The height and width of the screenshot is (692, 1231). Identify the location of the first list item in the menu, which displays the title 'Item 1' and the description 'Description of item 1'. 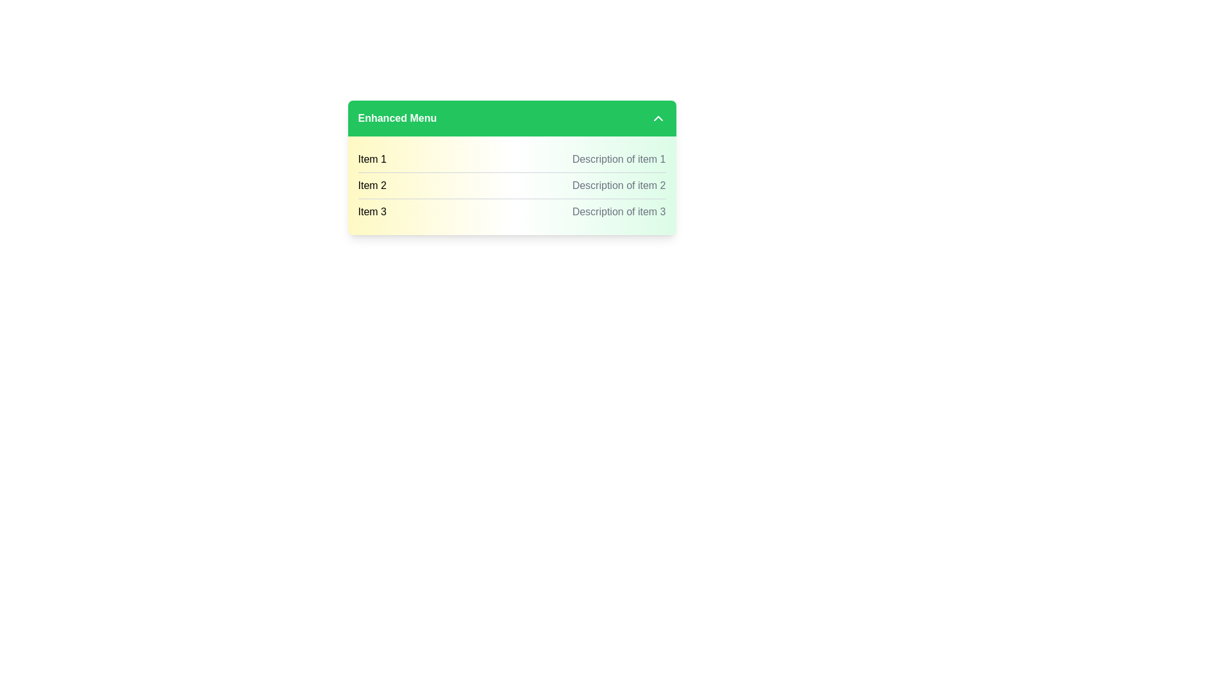
(511, 159).